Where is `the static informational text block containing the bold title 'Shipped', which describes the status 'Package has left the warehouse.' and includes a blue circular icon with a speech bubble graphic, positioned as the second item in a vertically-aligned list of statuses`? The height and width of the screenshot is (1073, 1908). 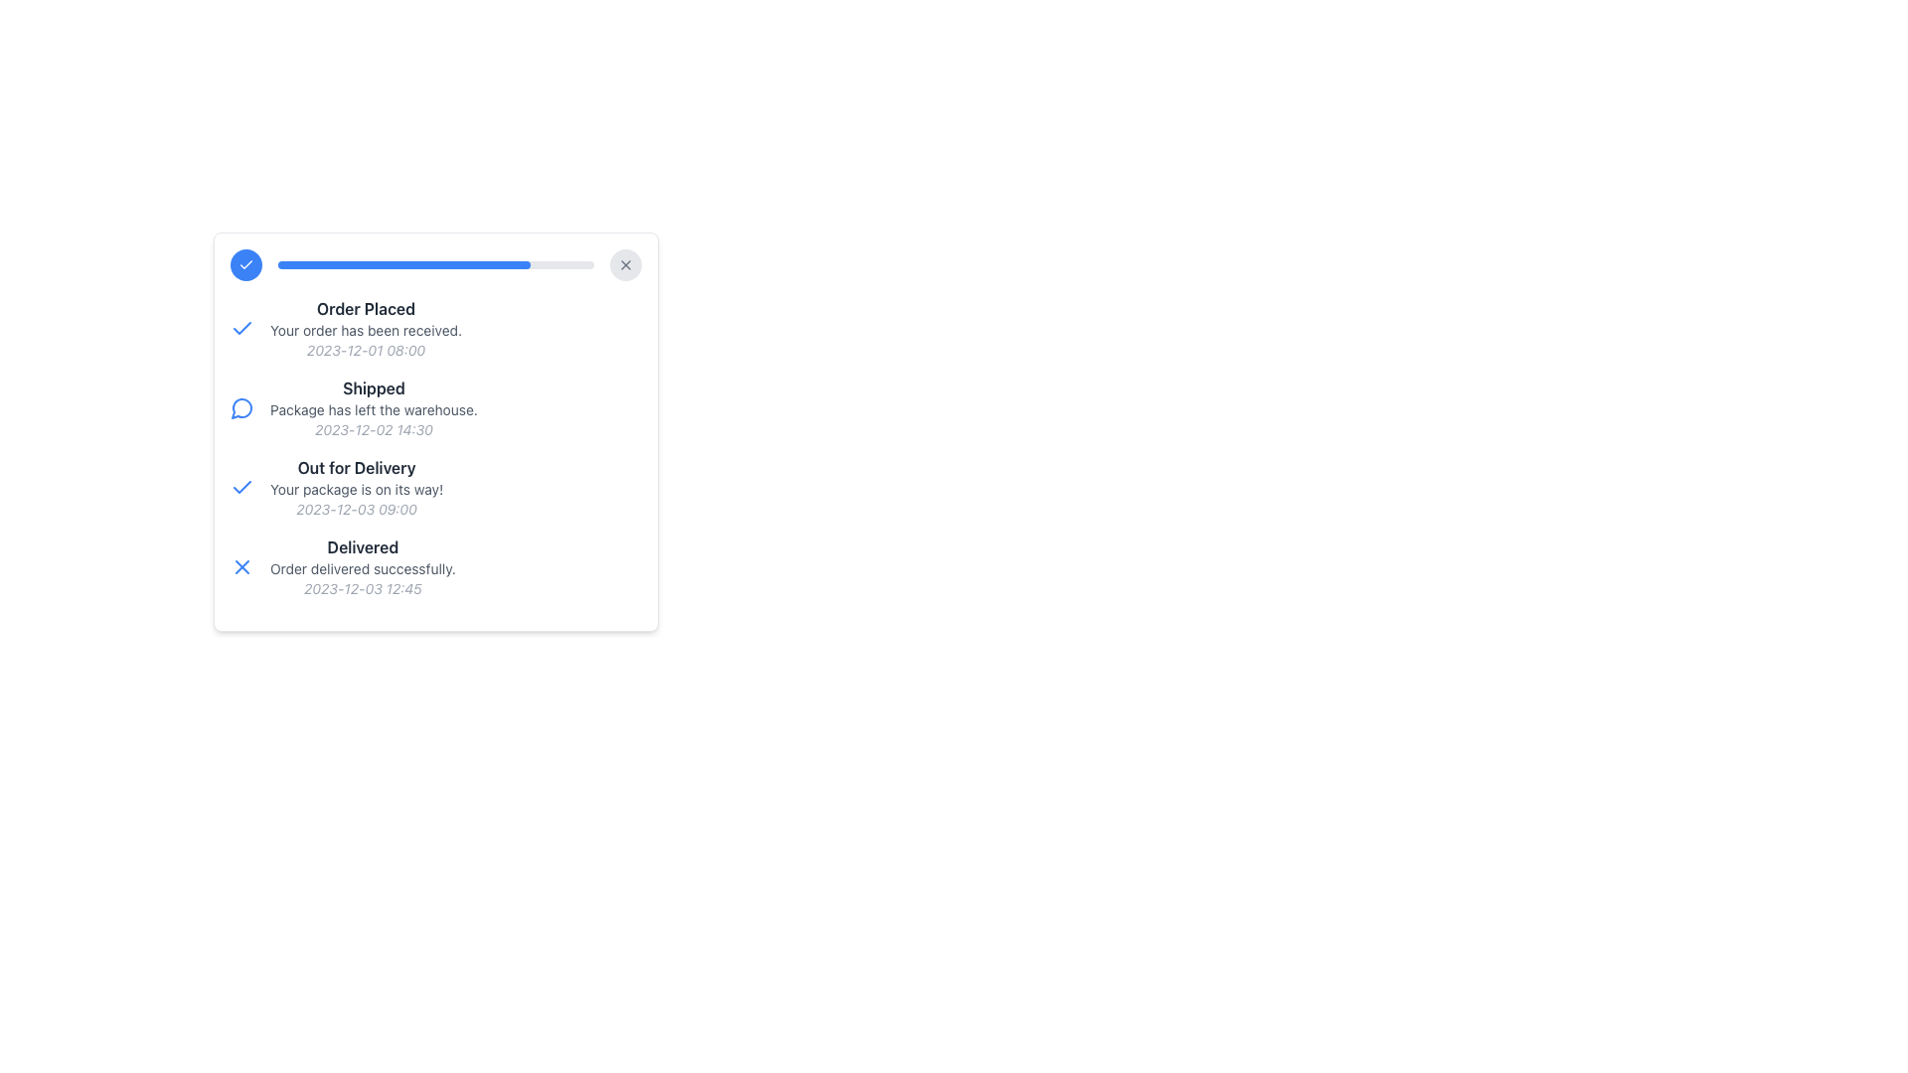
the static informational text block containing the bold title 'Shipped', which describes the status 'Package has left the warehouse.' and includes a blue circular icon with a speech bubble graphic, positioned as the second item in a vertically-aligned list of statuses is located at coordinates (434, 407).